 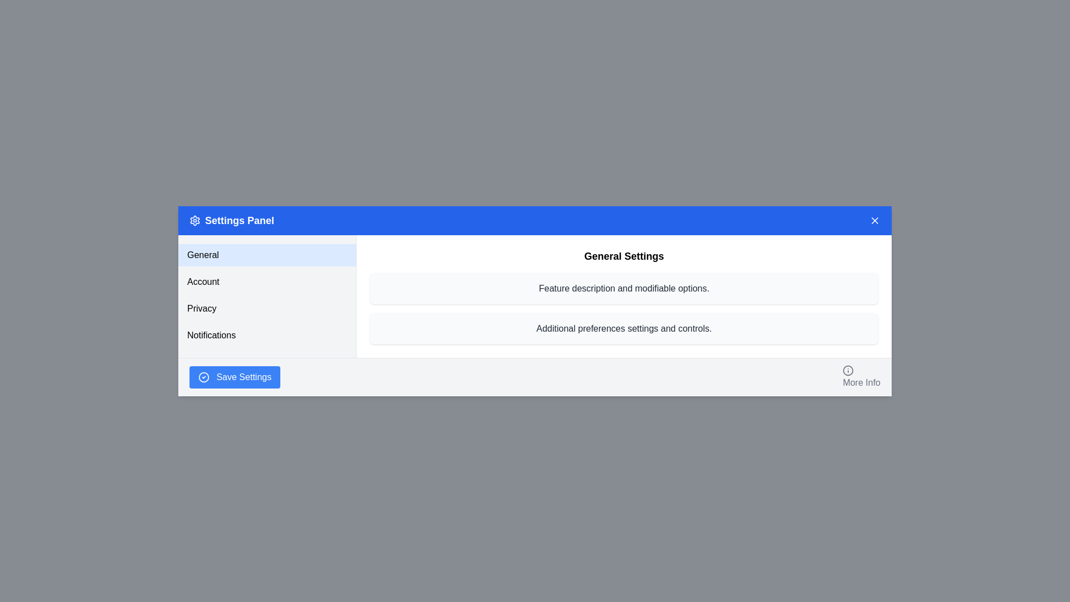 I want to click on the close button icon located in the top-right corner of the blue header bar, so click(x=874, y=220).